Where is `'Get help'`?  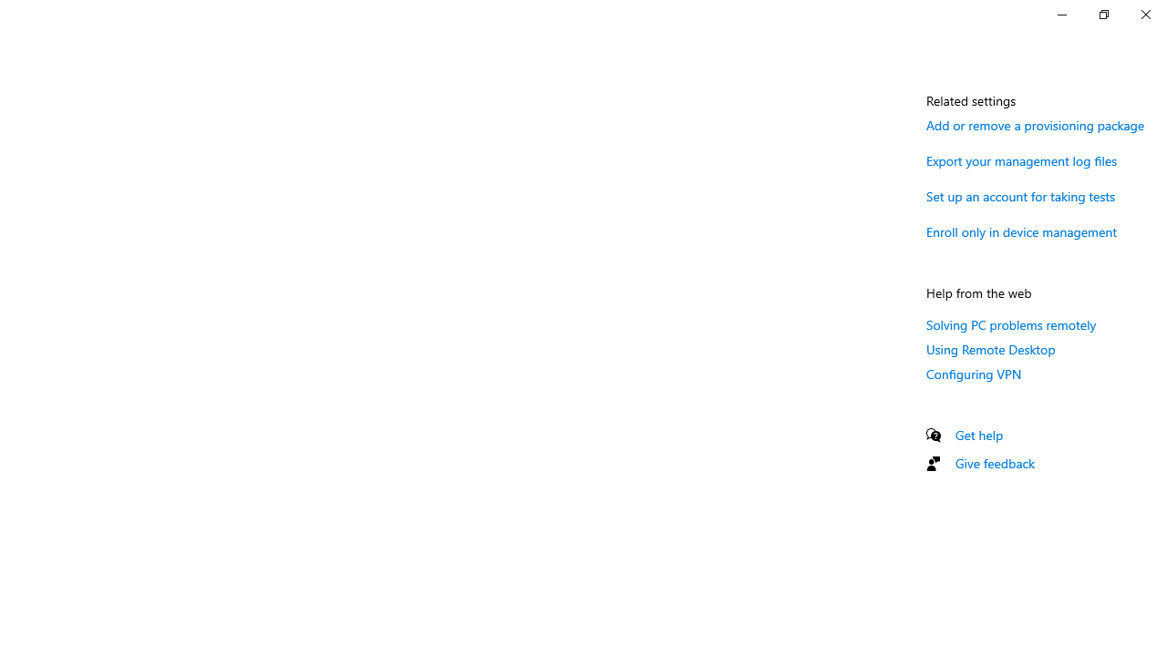 'Get help' is located at coordinates (978, 435).